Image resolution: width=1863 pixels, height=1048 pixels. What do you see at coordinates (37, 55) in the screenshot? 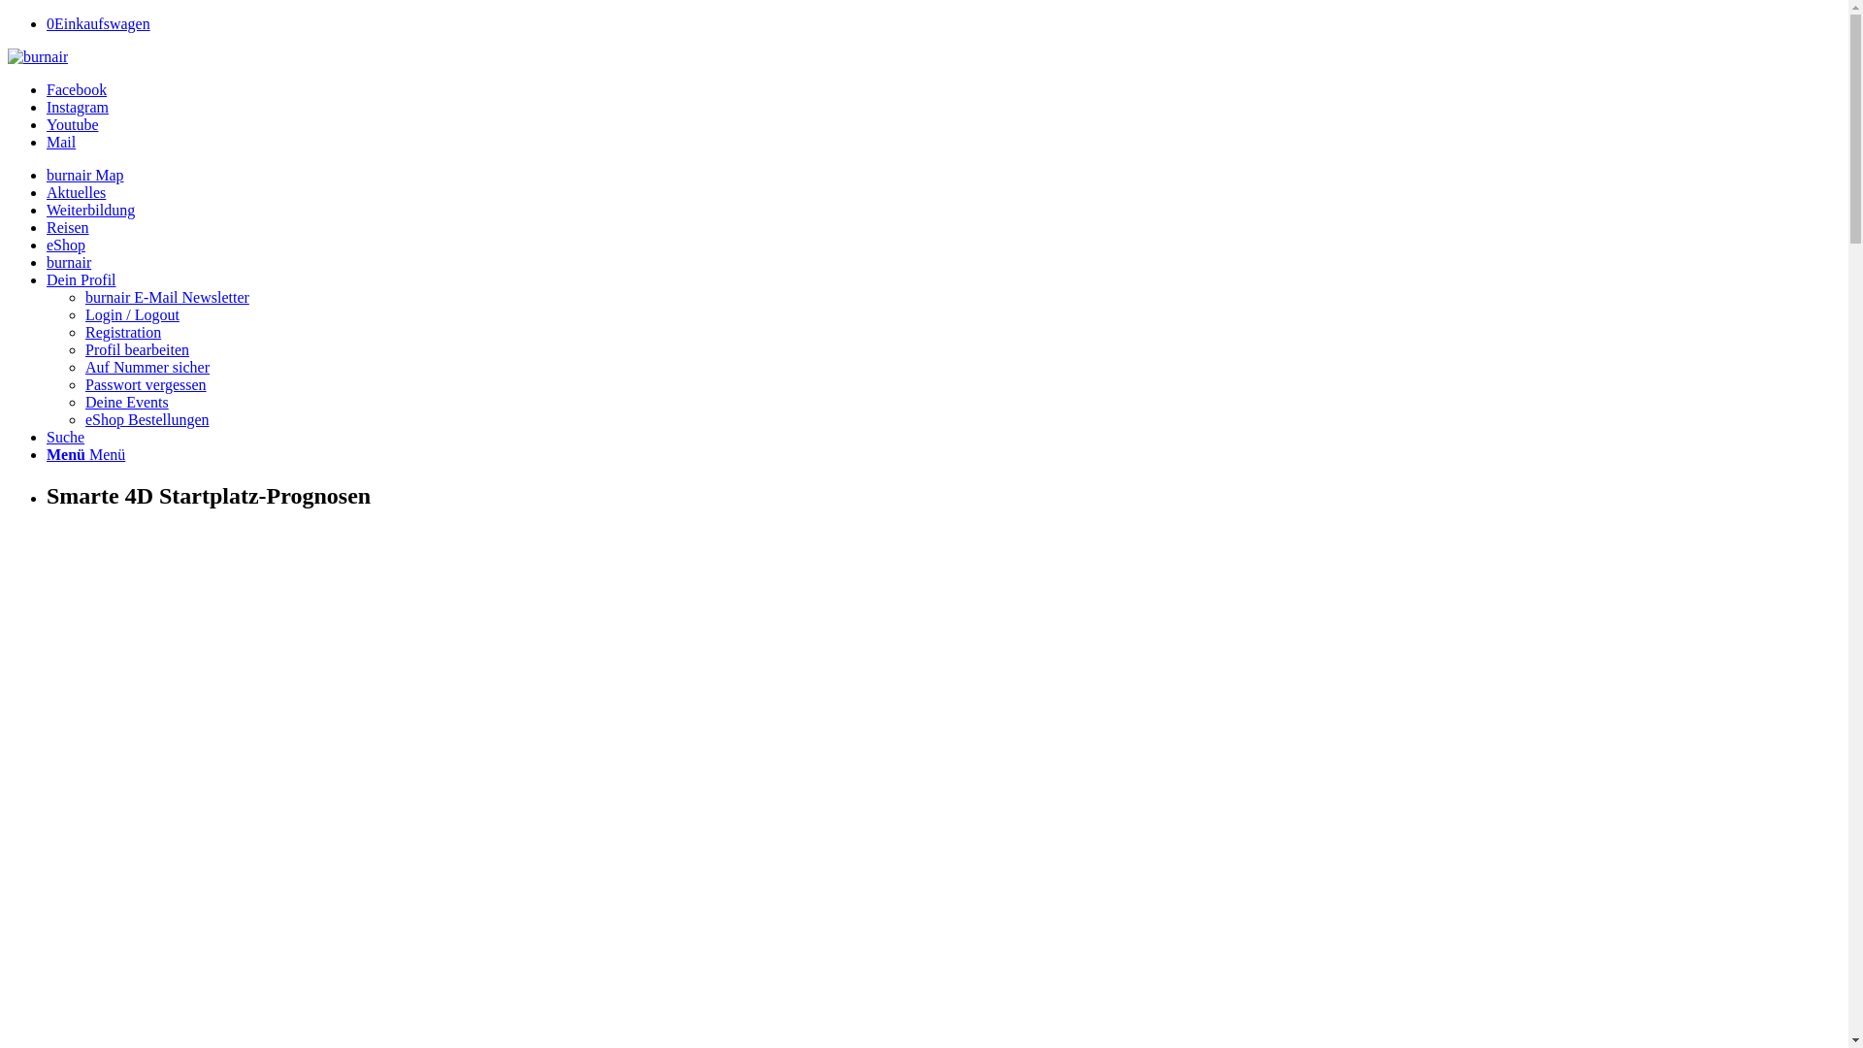
I see `'Logo_enfold_Website.fw'` at bounding box center [37, 55].